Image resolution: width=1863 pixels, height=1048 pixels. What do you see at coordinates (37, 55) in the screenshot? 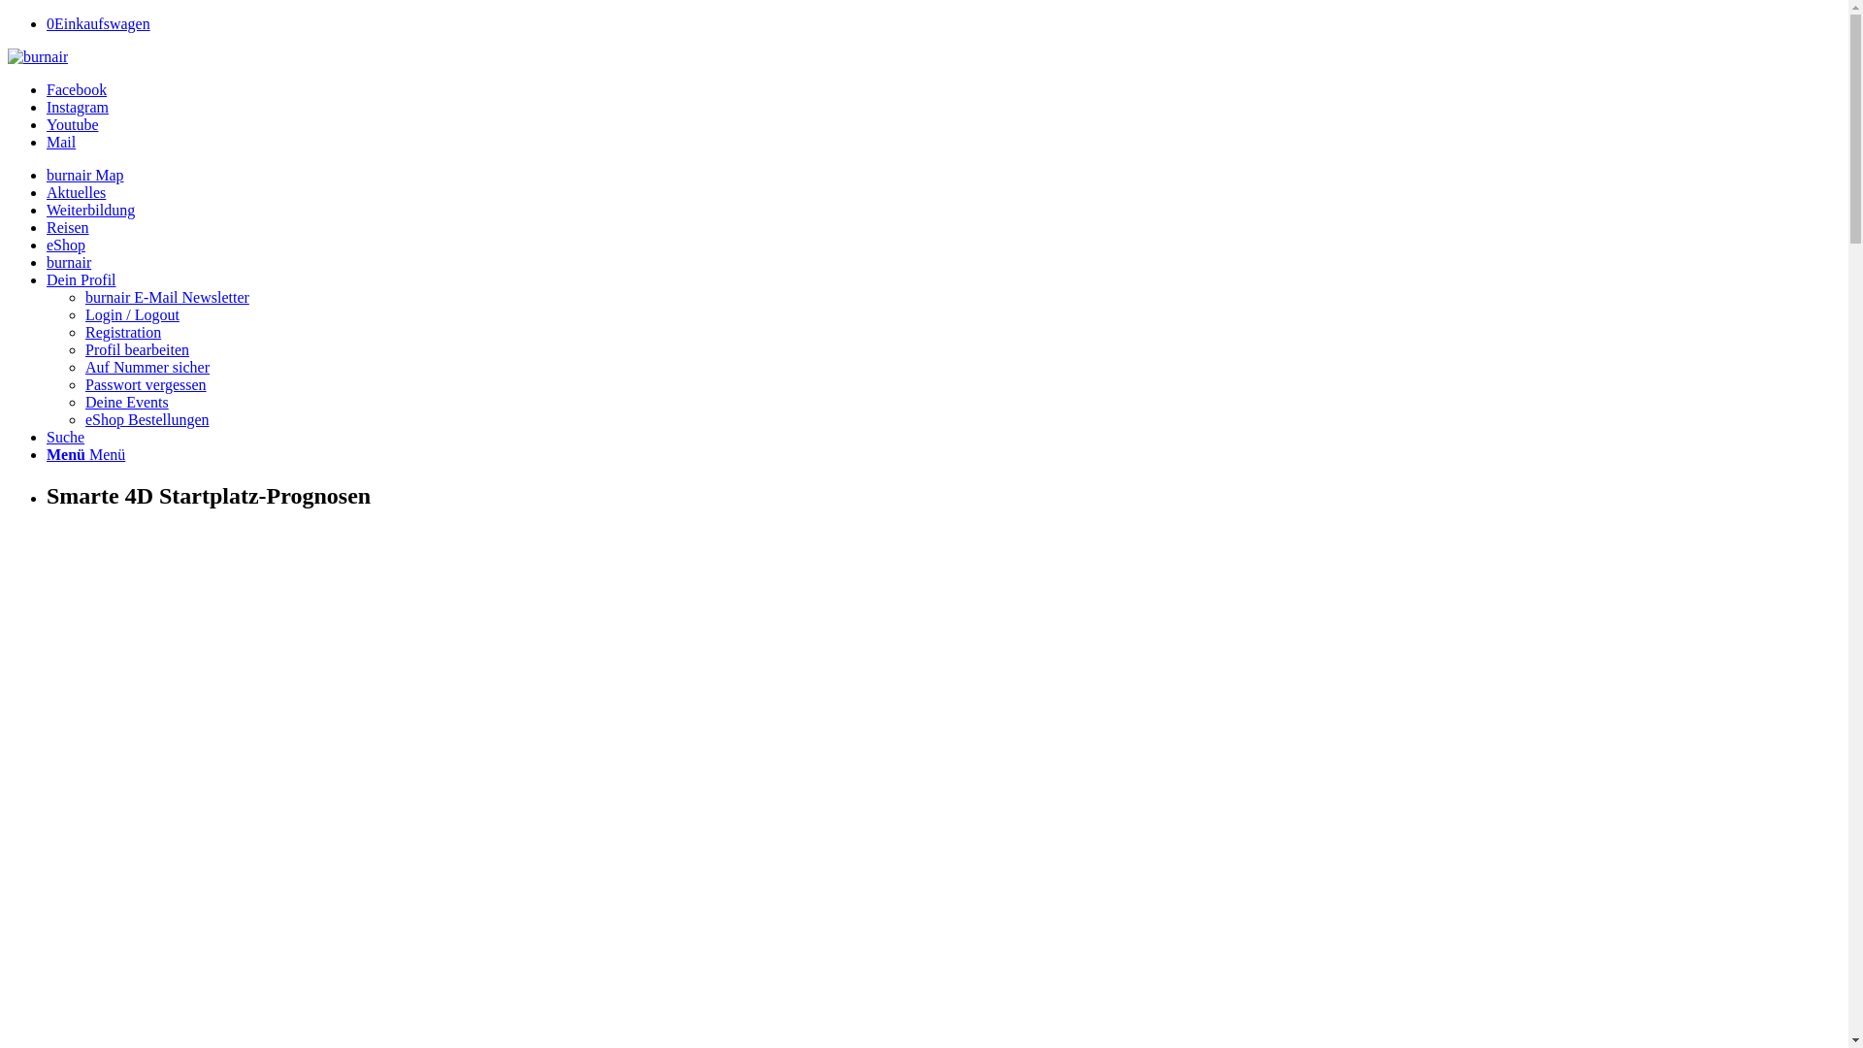
I see `'Logo_enfold_Website.fw'` at bounding box center [37, 55].